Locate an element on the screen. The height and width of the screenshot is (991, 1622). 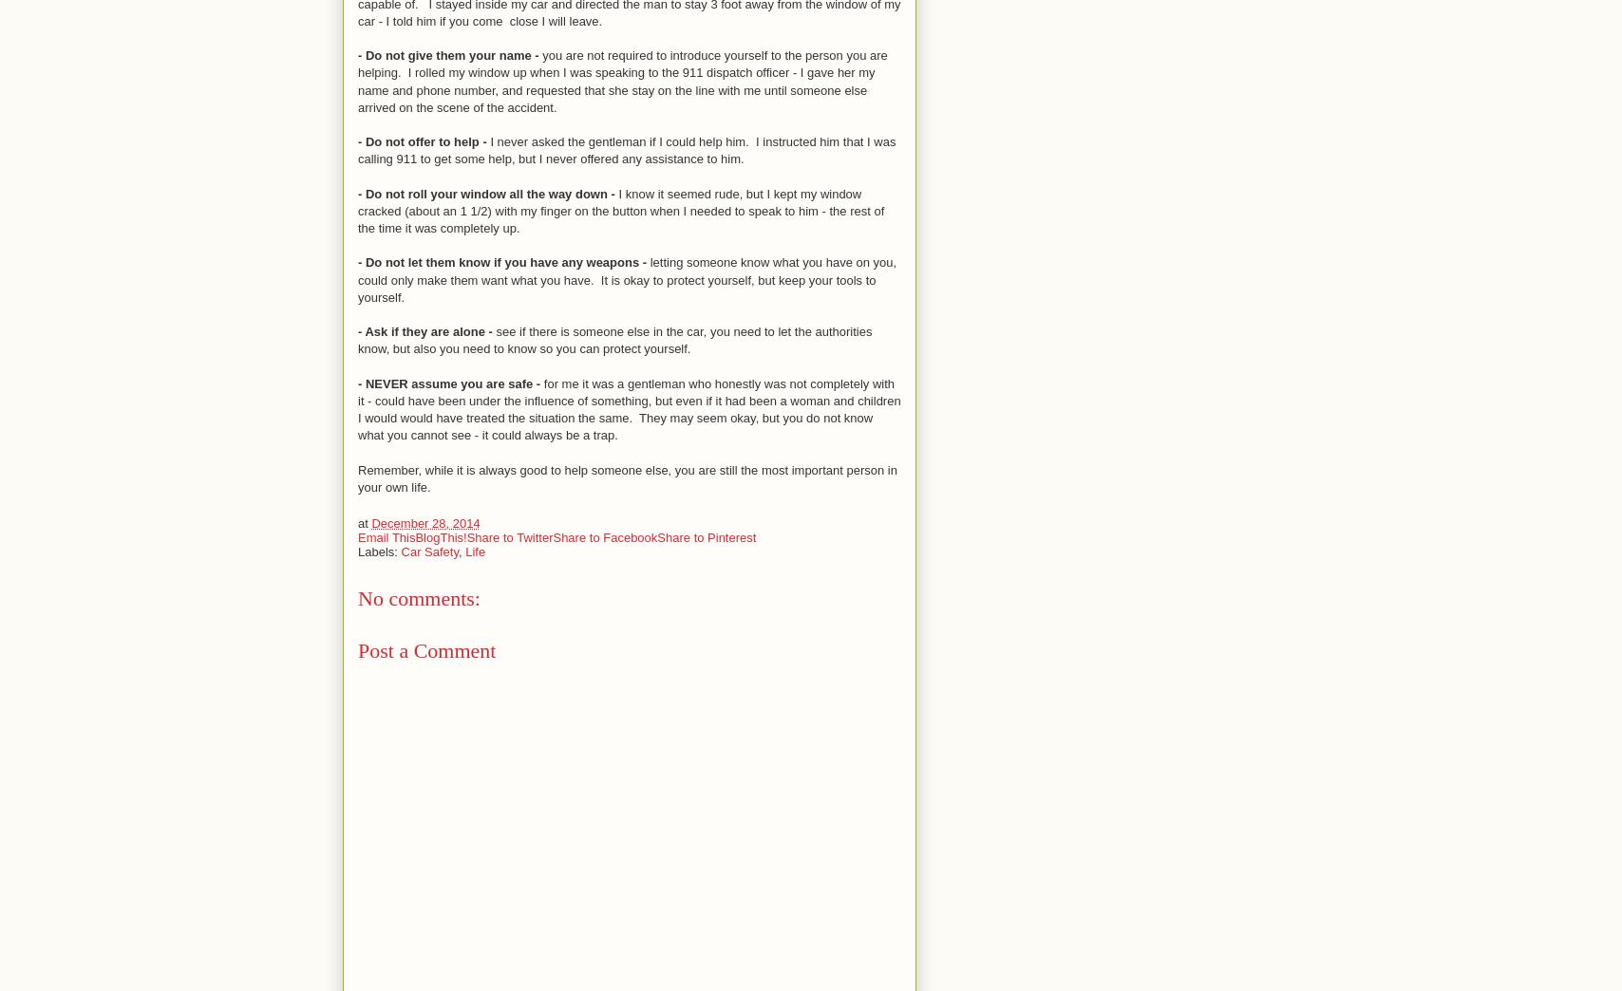
'Labels:' is located at coordinates (379, 550).